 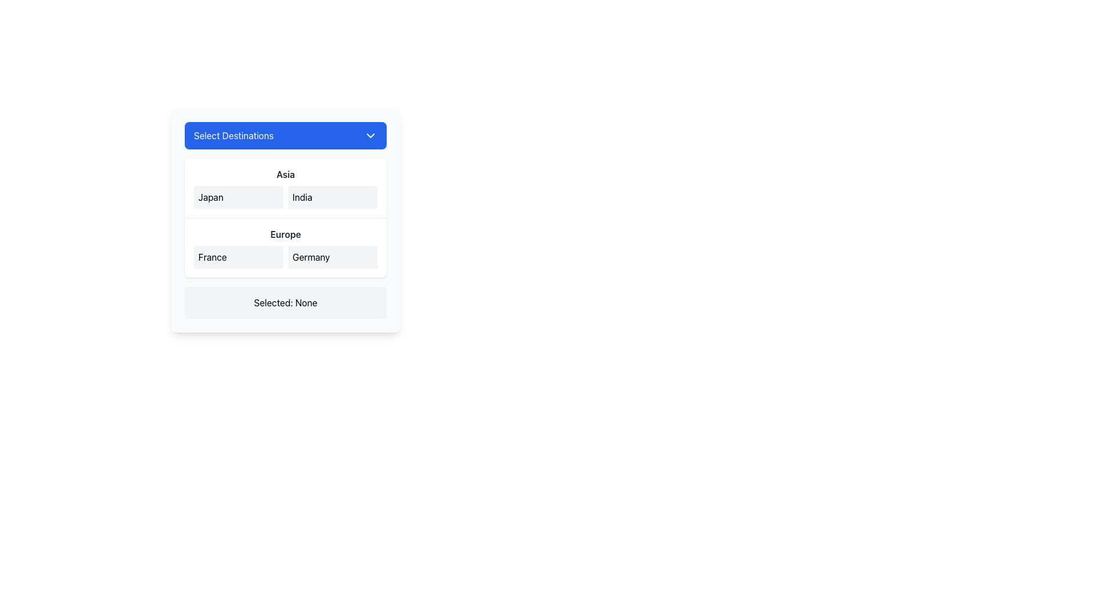 What do you see at coordinates (285, 188) in the screenshot?
I see `the section titled 'Asia' which contains the cards labeled 'Japan' and 'India', positioned above the dropdown labeled 'Select Destinations'` at bounding box center [285, 188].